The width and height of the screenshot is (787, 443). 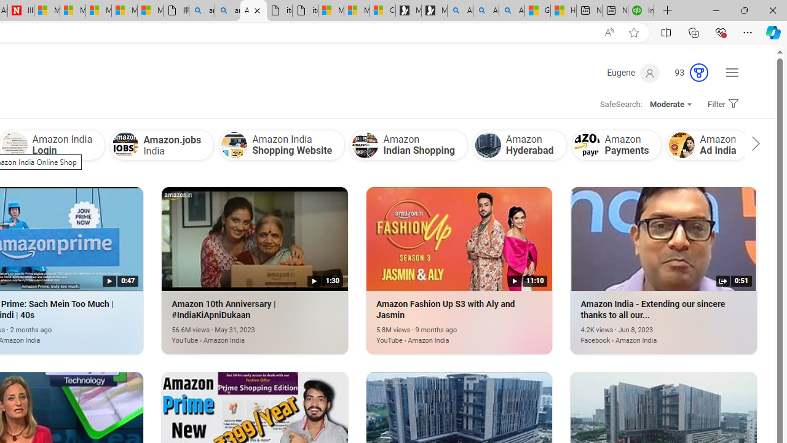 I want to click on 'Amazon India Shopping Website', so click(x=281, y=144).